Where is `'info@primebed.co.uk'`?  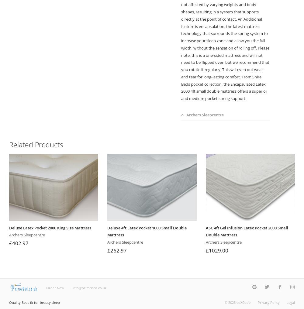 'info@primebed.co.uk' is located at coordinates (72, 287).